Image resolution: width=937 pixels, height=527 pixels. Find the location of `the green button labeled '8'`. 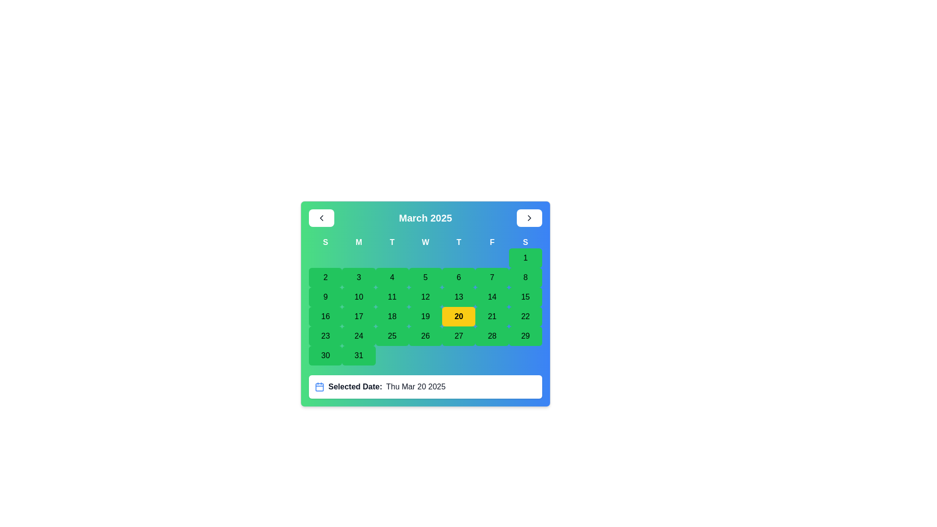

the green button labeled '8' is located at coordinates (525, 278).